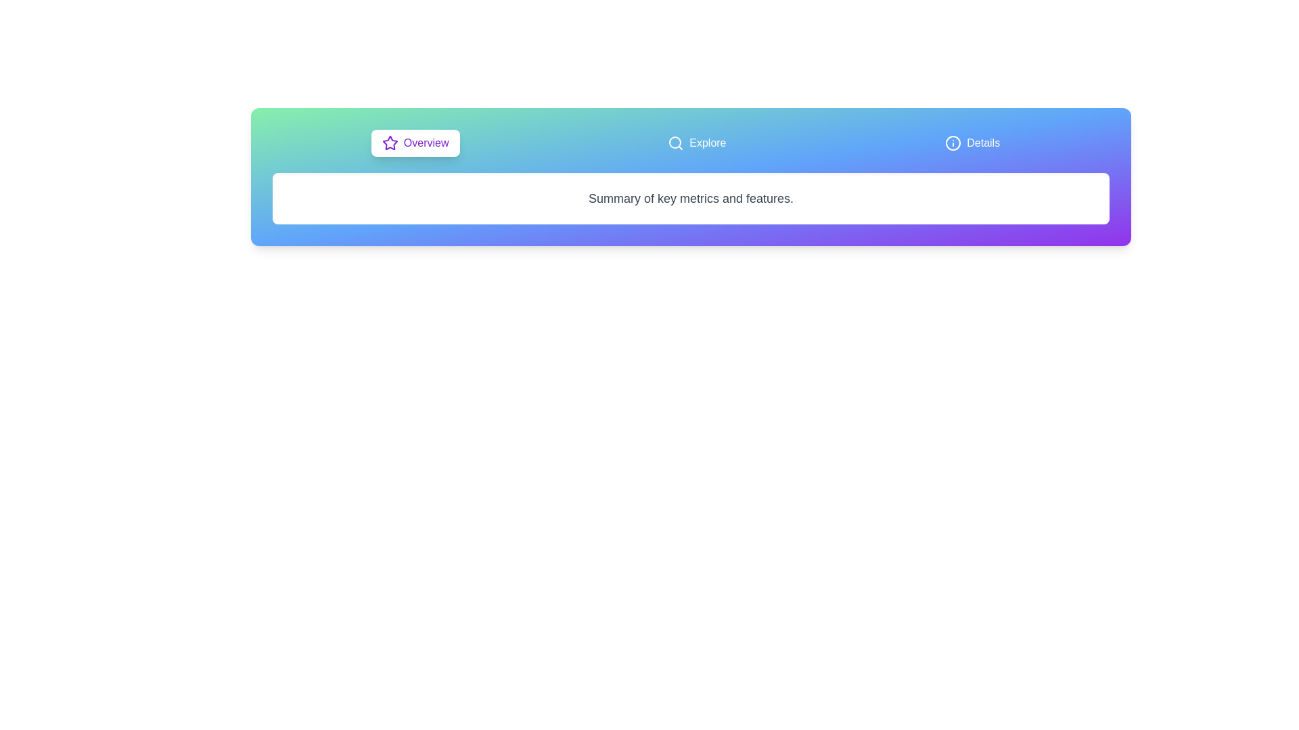  What do you see at coordinates (415, 143) in the screenshot?
I see `the Overview tab to display its content` at bounding box center [415, 143].